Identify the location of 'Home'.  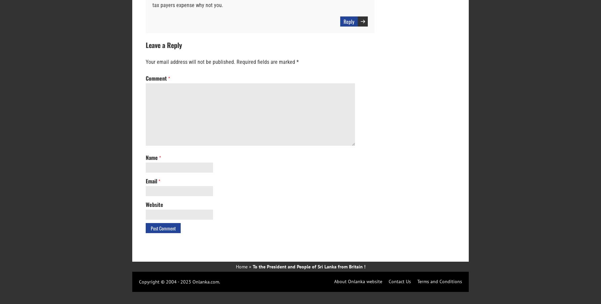
(235, 266).